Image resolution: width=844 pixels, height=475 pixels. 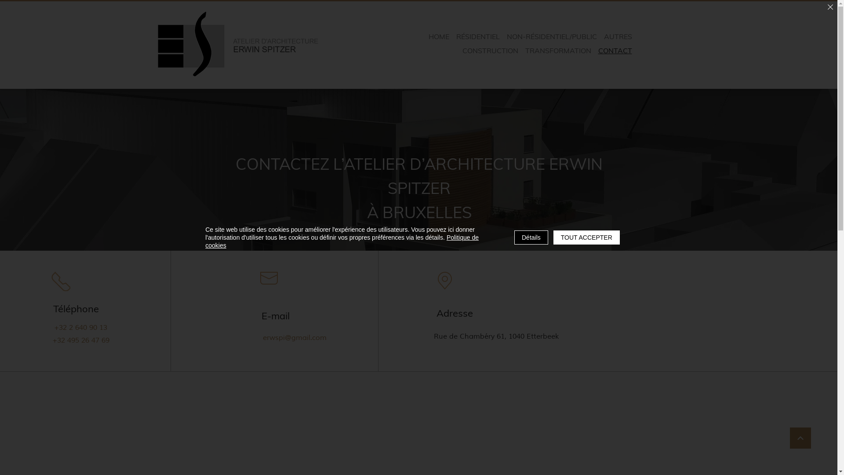 I want to click on 'Politique de cookies', so click(x=341, y=241).